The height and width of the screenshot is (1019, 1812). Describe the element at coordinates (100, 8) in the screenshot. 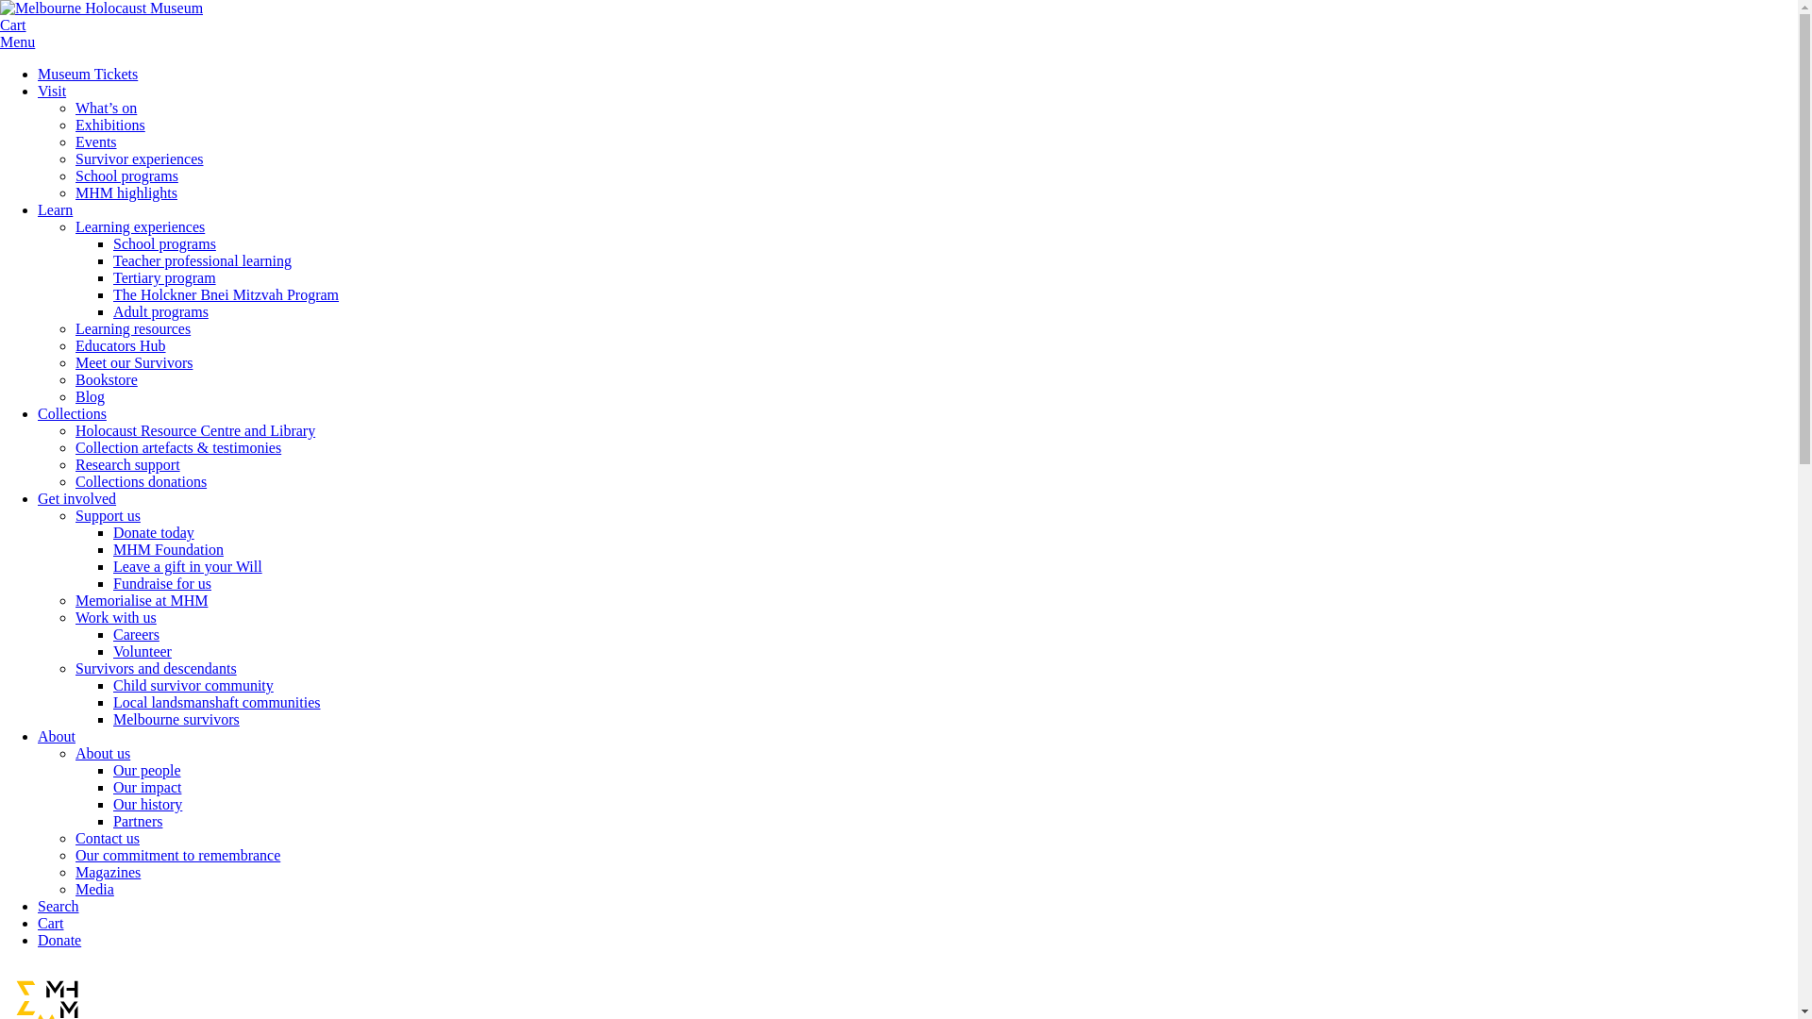

I see `'Melbourne Holocaust Museum'` at that location.